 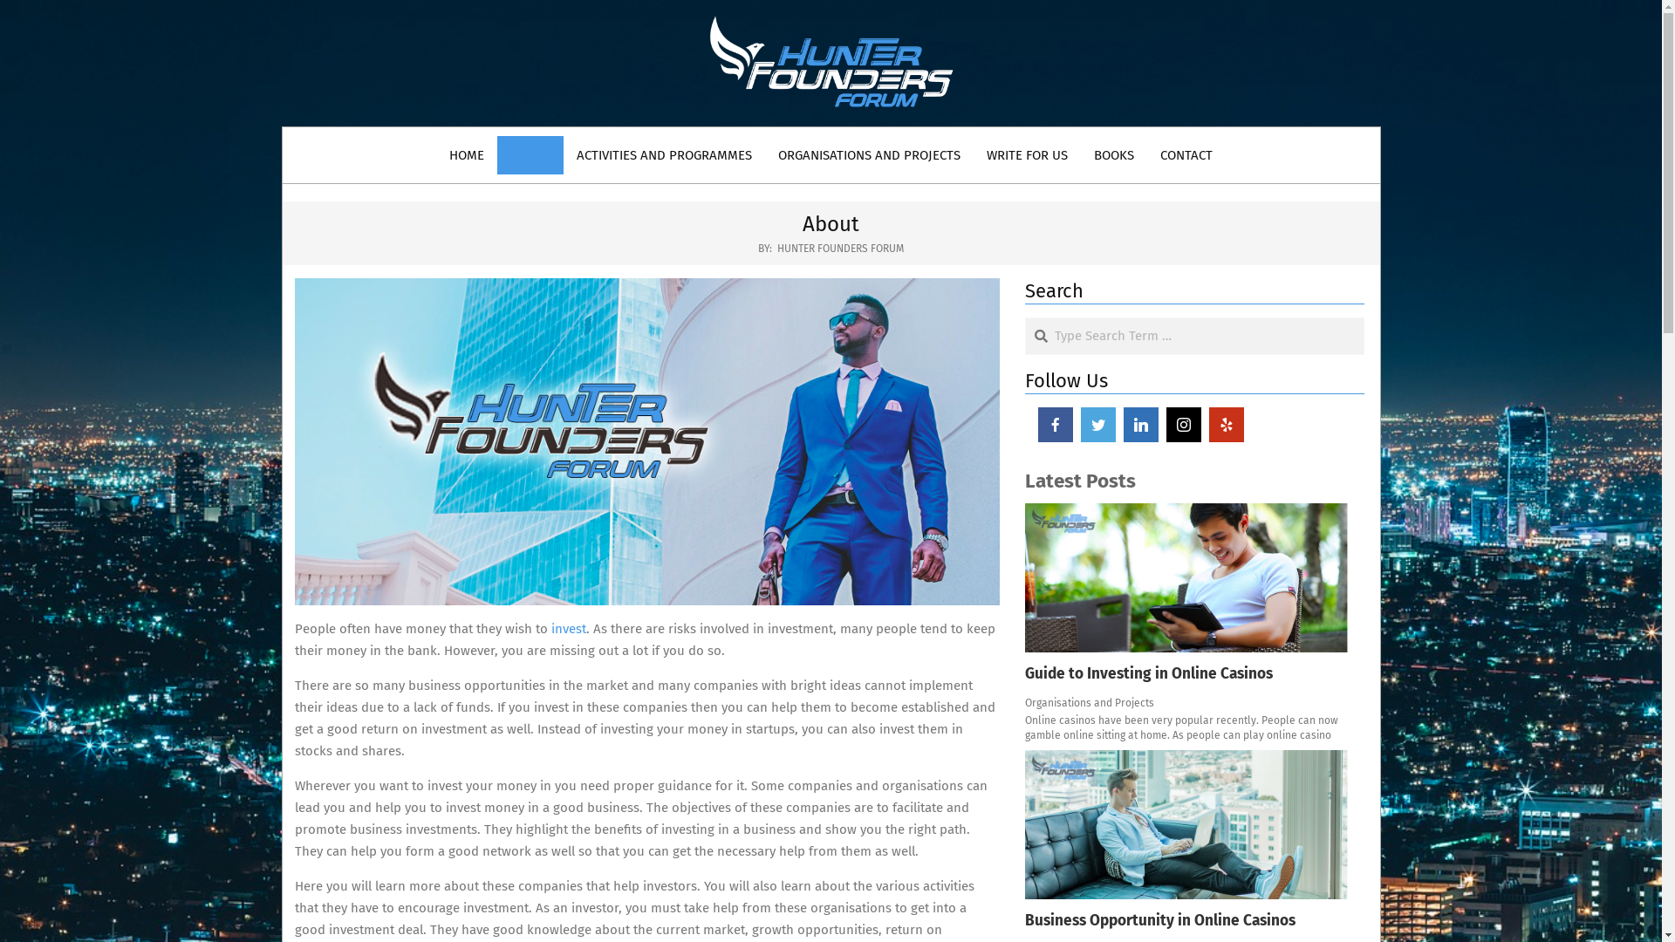 What do you see at coordinates (1054, 424) in the screenshot?
I see `'facebook'` at bounding box center [1054, 424].